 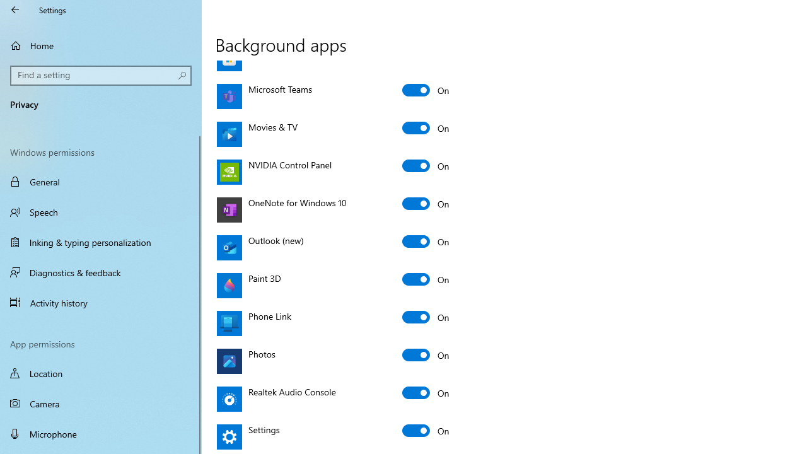 I want to click on 'Location', so click(x=101, y=373).